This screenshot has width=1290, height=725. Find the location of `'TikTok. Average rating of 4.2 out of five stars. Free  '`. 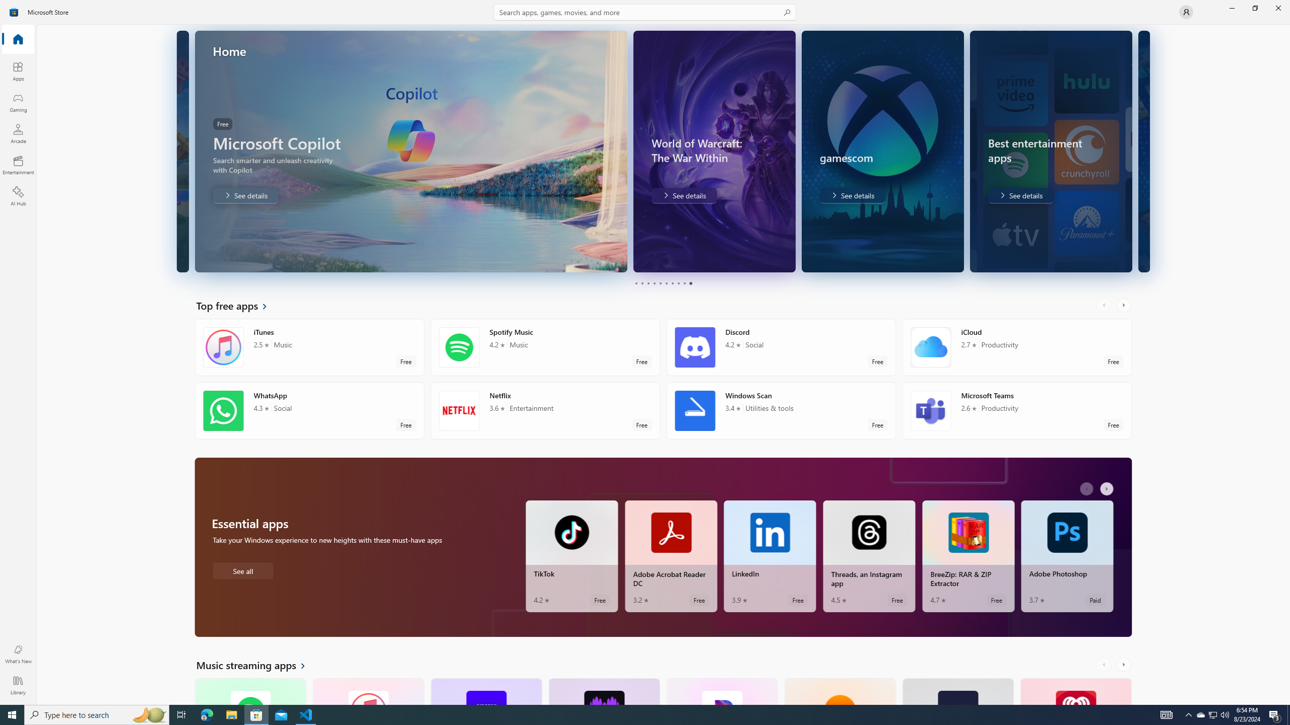

'TikTok. Average rating of 4.2 out of five stars. Free  ' is located at coordinates (571, 556).